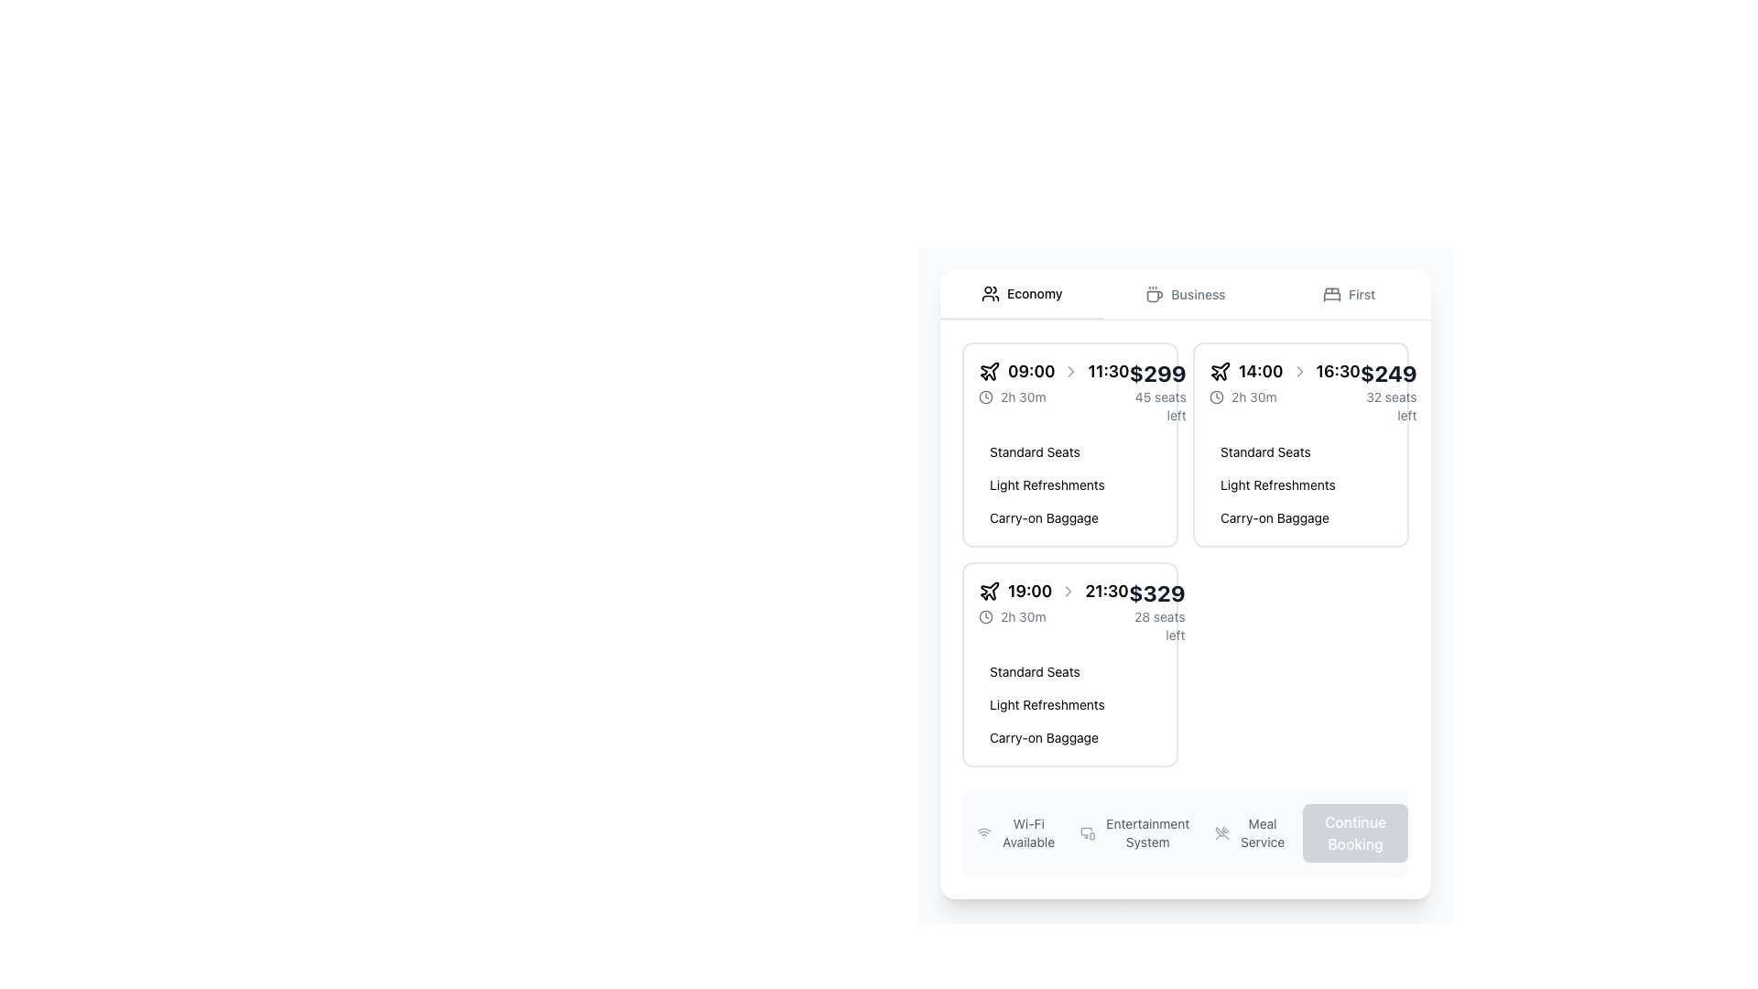  Describe the element at coordinates (1349, 293) in the screenshot. I see `the 'First' class tab or button located on the far right of a row of three clickable elements, allowing for keyboard interaction` at that location.